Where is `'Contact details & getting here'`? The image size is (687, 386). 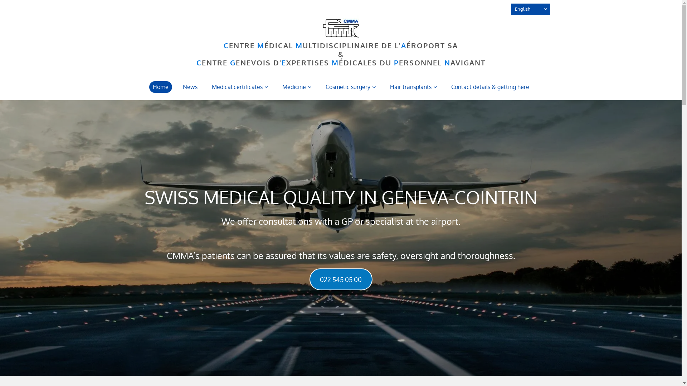 'Contact details & getting here' is located at coordinates (489, 86).